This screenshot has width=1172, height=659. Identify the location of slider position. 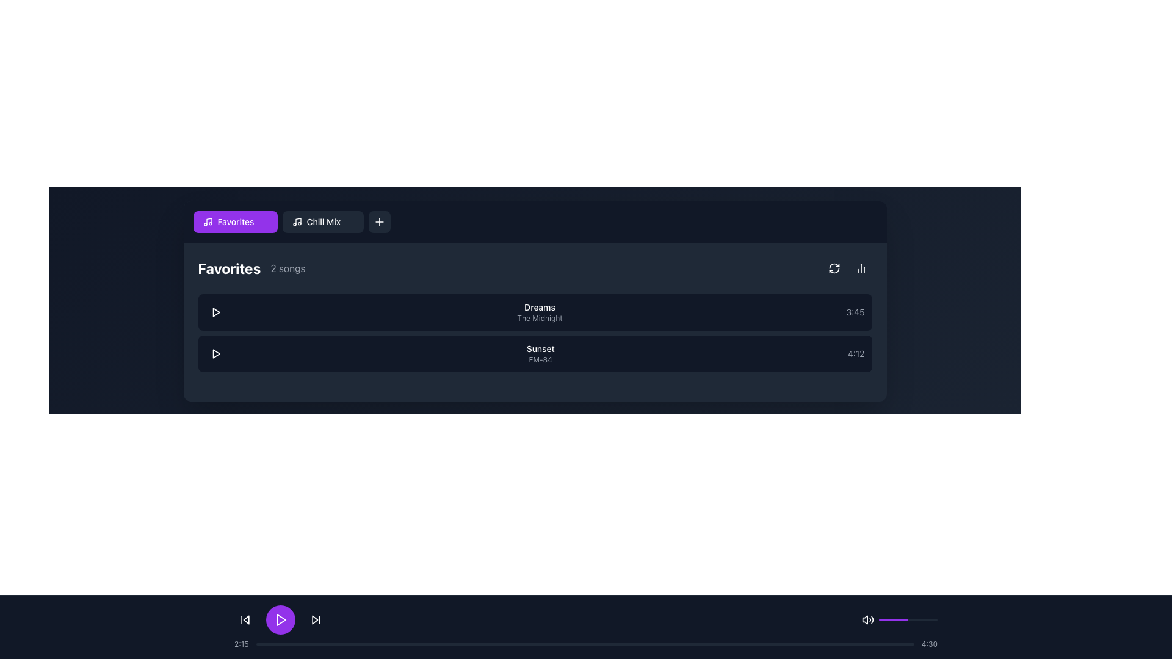
(925, 619).